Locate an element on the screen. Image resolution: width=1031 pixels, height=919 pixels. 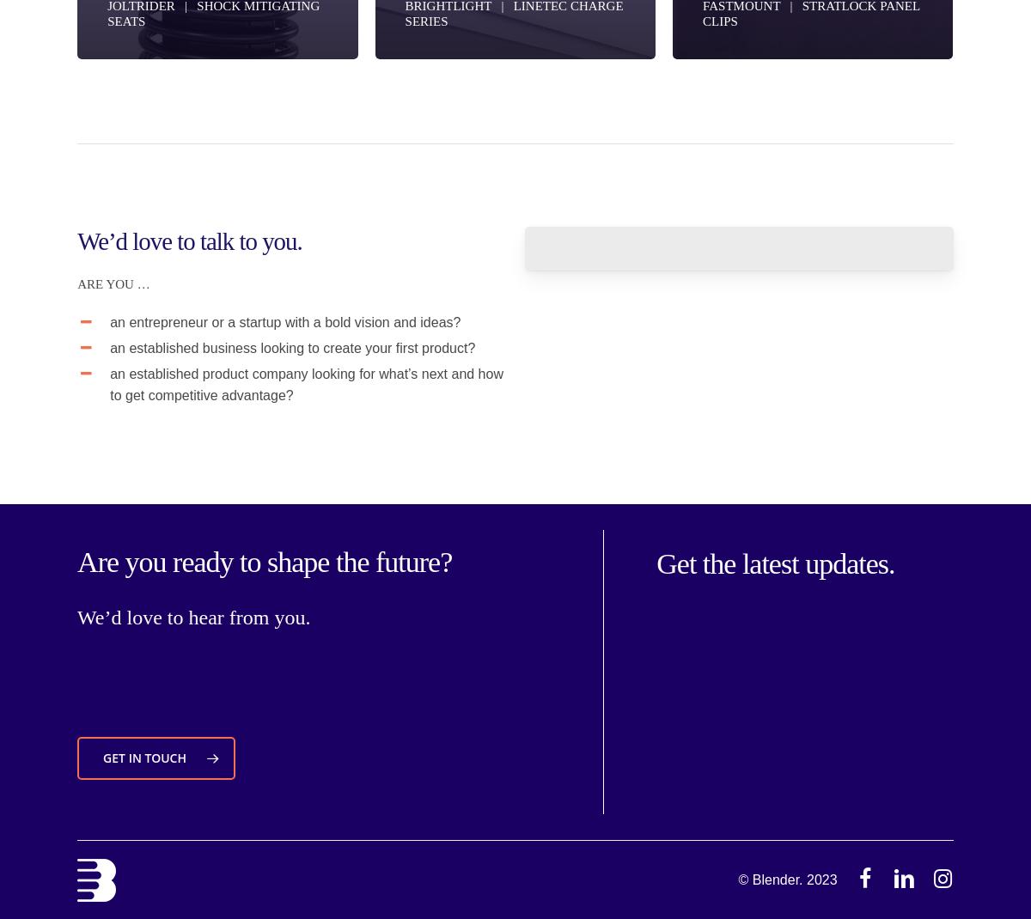
'We’d love to talk to you.' is located at coordinates (188, 240).